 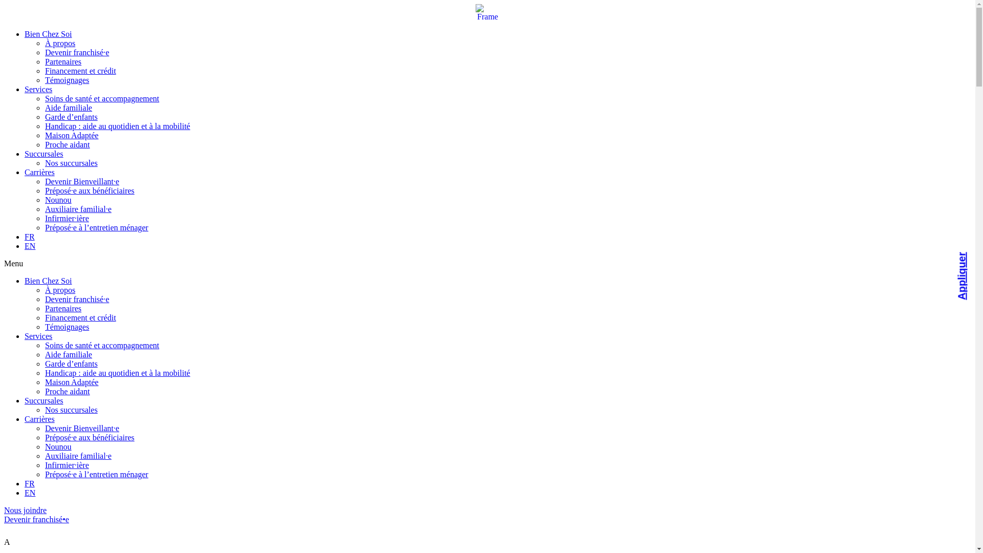 I want to click on 'Aide familiale', so click(x=68, y=354).